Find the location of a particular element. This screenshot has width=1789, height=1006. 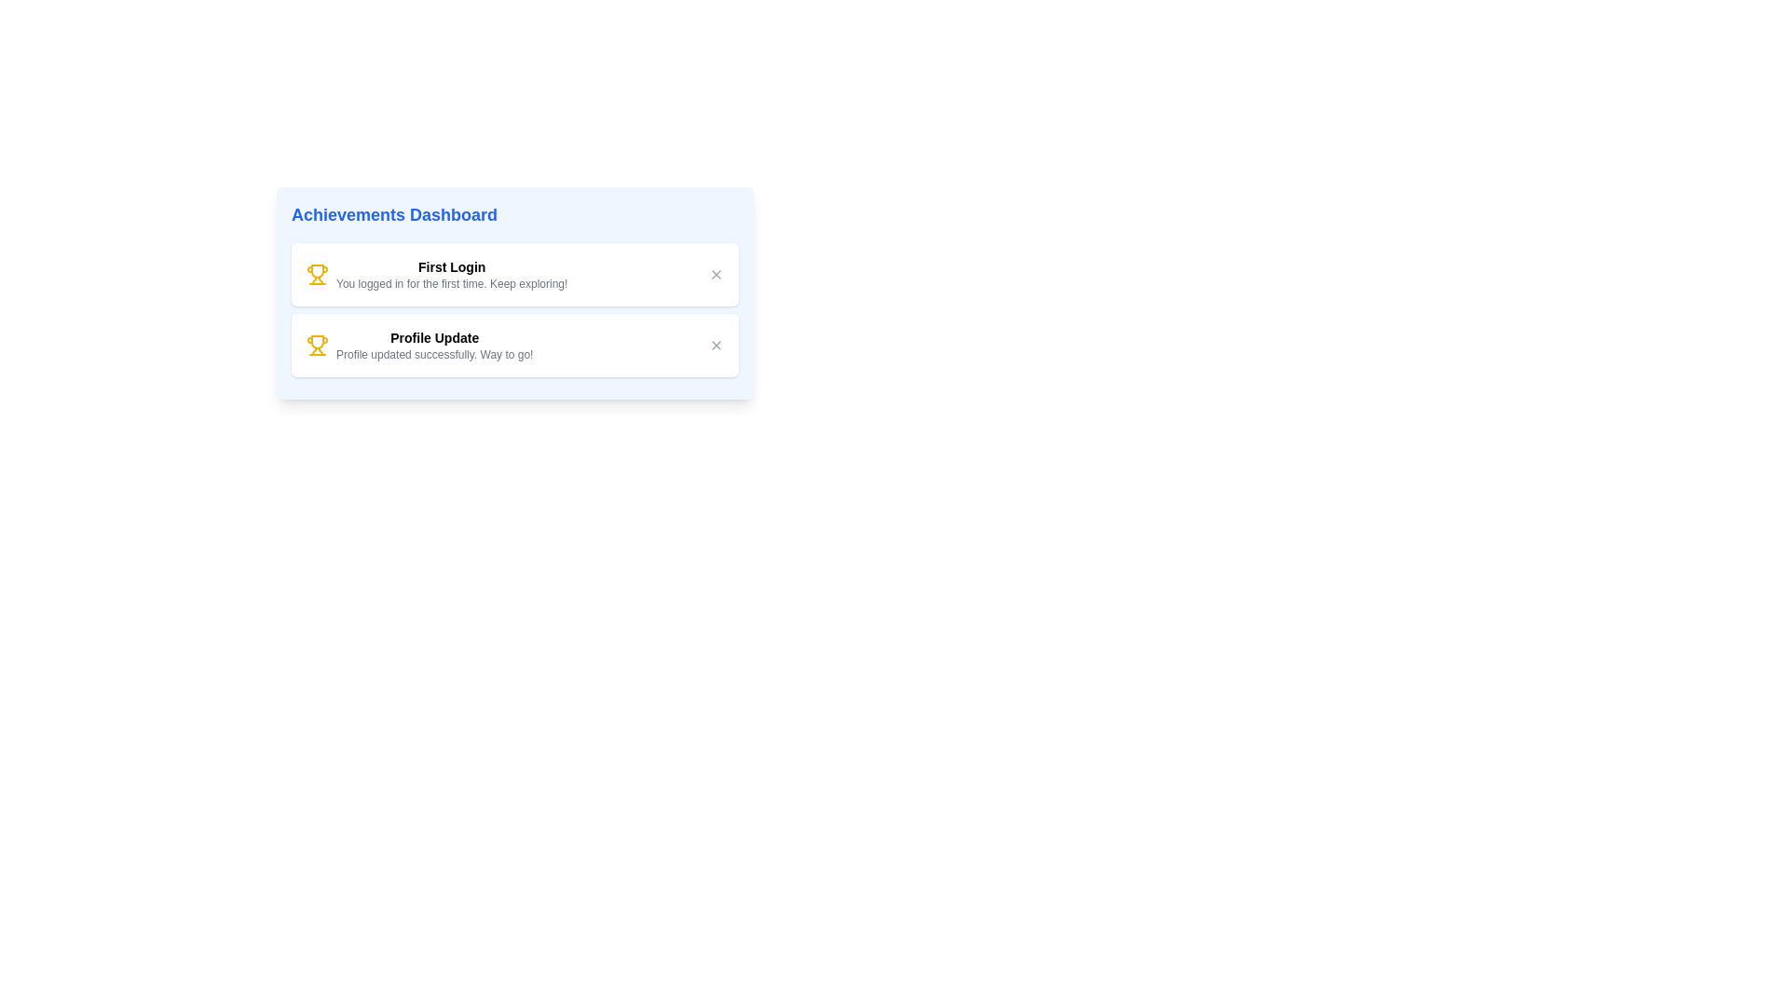

the dismiss button located in the top-right corner of the 'First Login' notification card to change its color is located at coordinates (715, 274).